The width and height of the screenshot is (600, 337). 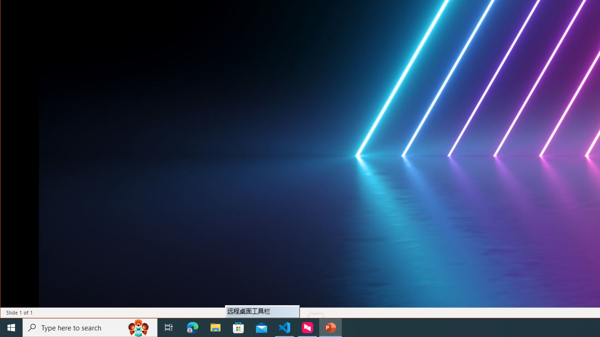 What do you see at coordinates (192, 327) in the screenshot?
I see `'Microsoft Edge'` at bounding box center [192, 327].